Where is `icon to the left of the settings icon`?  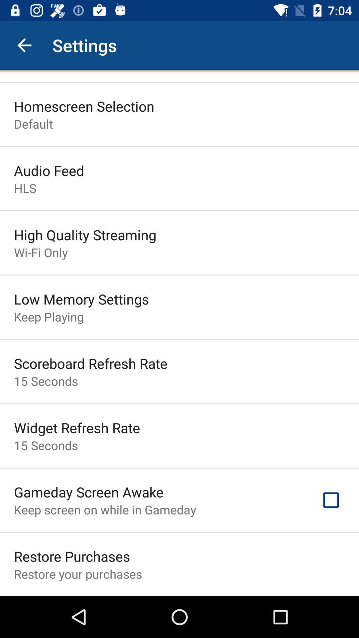
icon to the left of the settings icon is located at coordinates (24, 45).